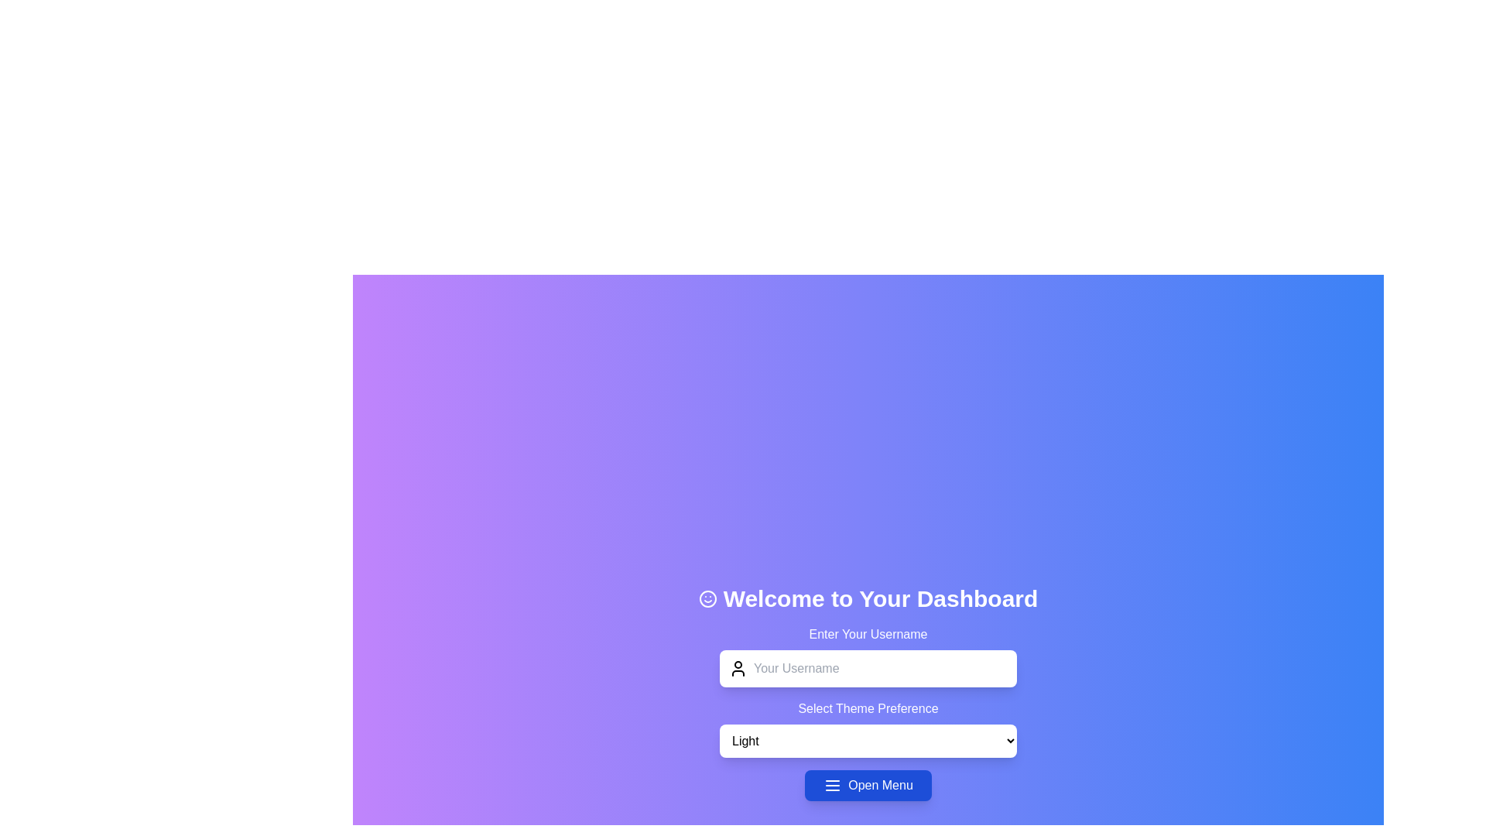  I want to click on the static text label guiding the user to select a theme preference, located above the dropdown menu for theme selection in the user settings interface, so click(868, 708).